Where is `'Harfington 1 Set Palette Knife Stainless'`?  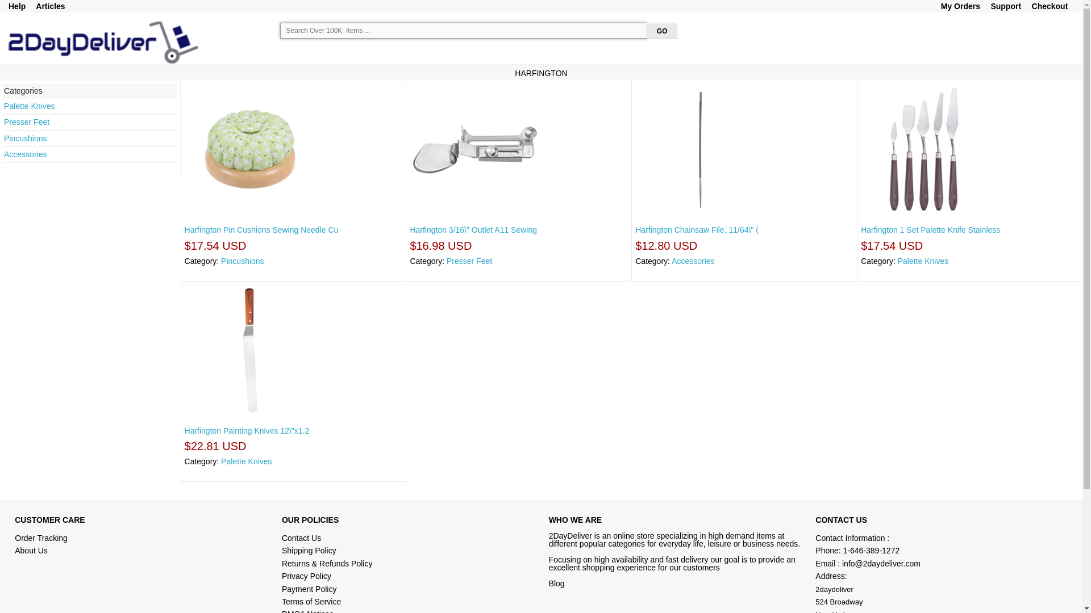 'Harfington 1 Set Palette Knife Stainless' is located at coordinates (930, 230).